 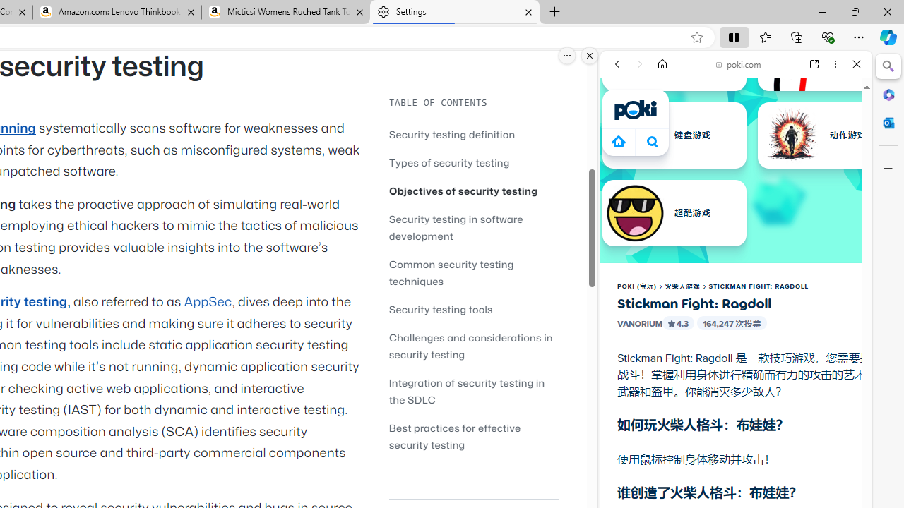 What do you see at coordinates (440, 308) in the screenshot?
I see `'Security testing tools'` at bounding box center [440, 308].